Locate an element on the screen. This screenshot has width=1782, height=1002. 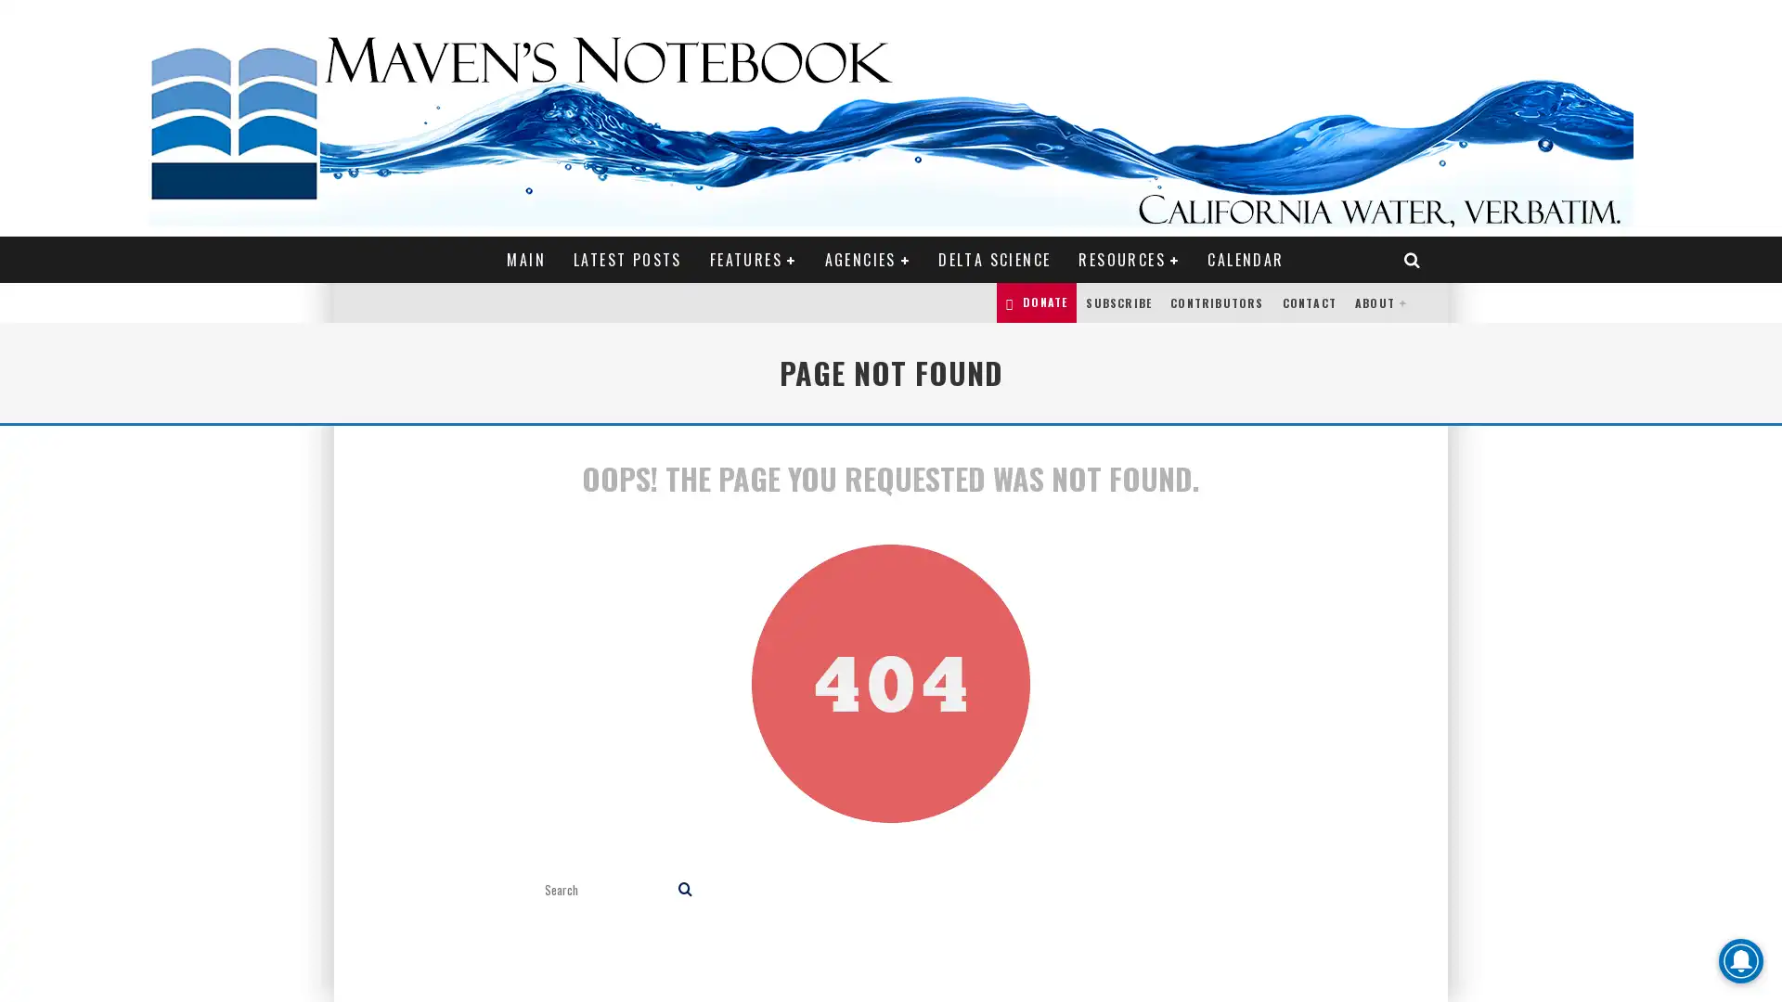
search is located at coordinates (684, 888).